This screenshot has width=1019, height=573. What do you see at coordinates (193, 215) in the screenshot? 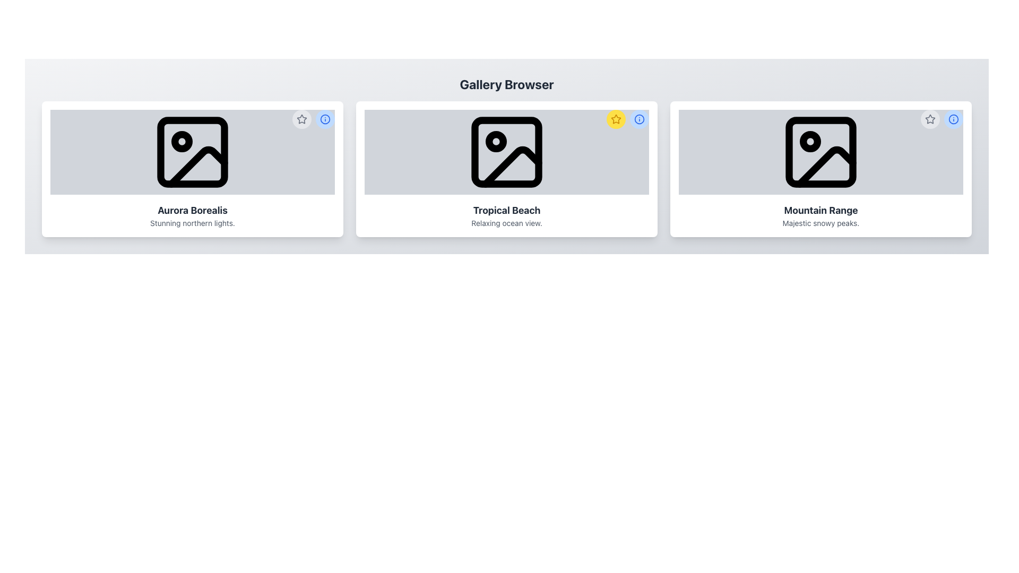
I see `displayed text within the Text block located in the first card, which serves as a title and description for the content` at bounding box center [193, 215].